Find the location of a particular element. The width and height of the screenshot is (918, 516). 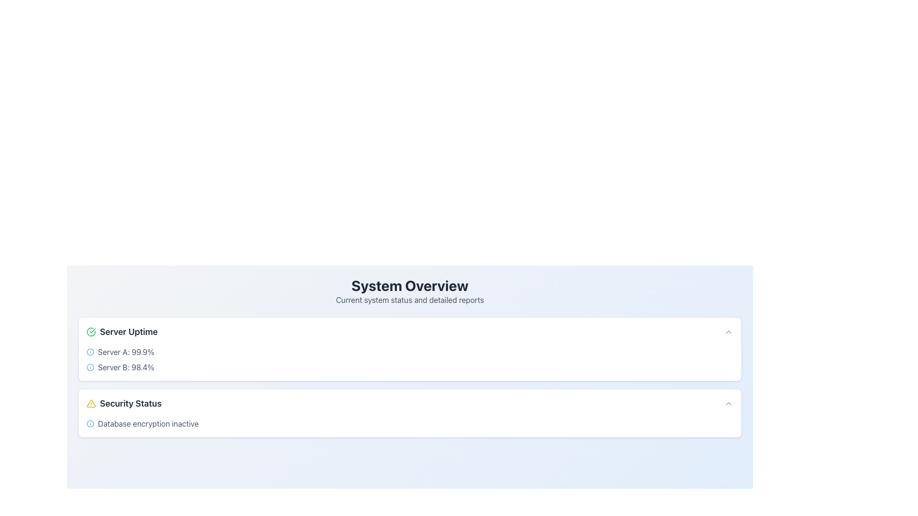

the composite UI component that combines a green circular checkmark icon and the label 'Server Uptime', located at the top-left corner of its card layout is located at coordinates (121, 331).